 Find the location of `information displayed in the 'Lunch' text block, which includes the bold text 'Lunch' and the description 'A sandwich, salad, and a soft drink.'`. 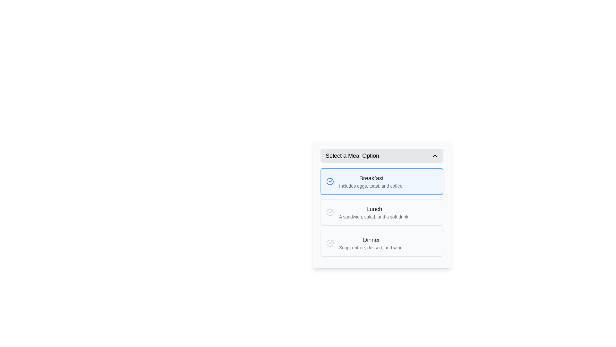

information displayed in the 'Lunch' text block, which includes the bold text 'Lunch' and the description 'A sandwich, salad, and a soft drink.' is located at coordinates (374, 212).